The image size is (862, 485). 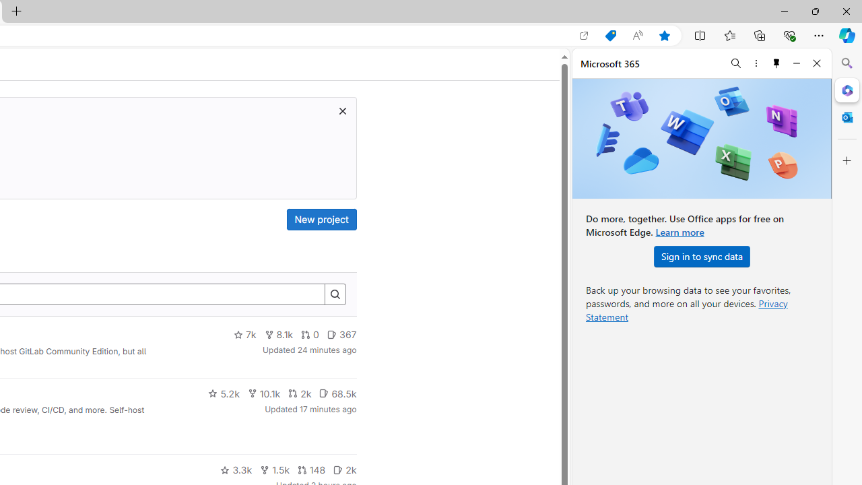 I want to click on 'Class: s16 gl-icon gl-button-icon ', so click(x=342, y=110).